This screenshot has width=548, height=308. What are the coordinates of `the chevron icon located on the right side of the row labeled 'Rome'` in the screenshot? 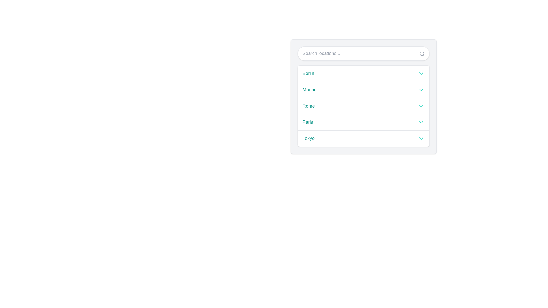 It's located at (421, 106).